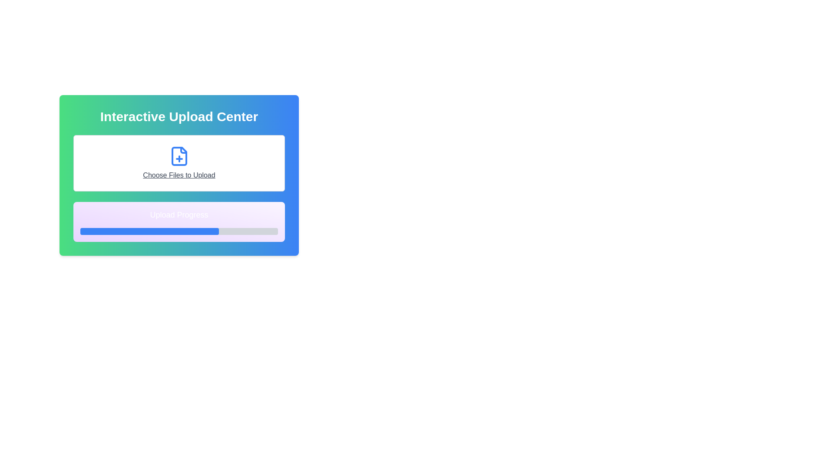 This screenshot has height=469, width=834. Describe the element at coordinates (179, 155) in the screenshot. I see `the SVG Icon, which serves` at that location.